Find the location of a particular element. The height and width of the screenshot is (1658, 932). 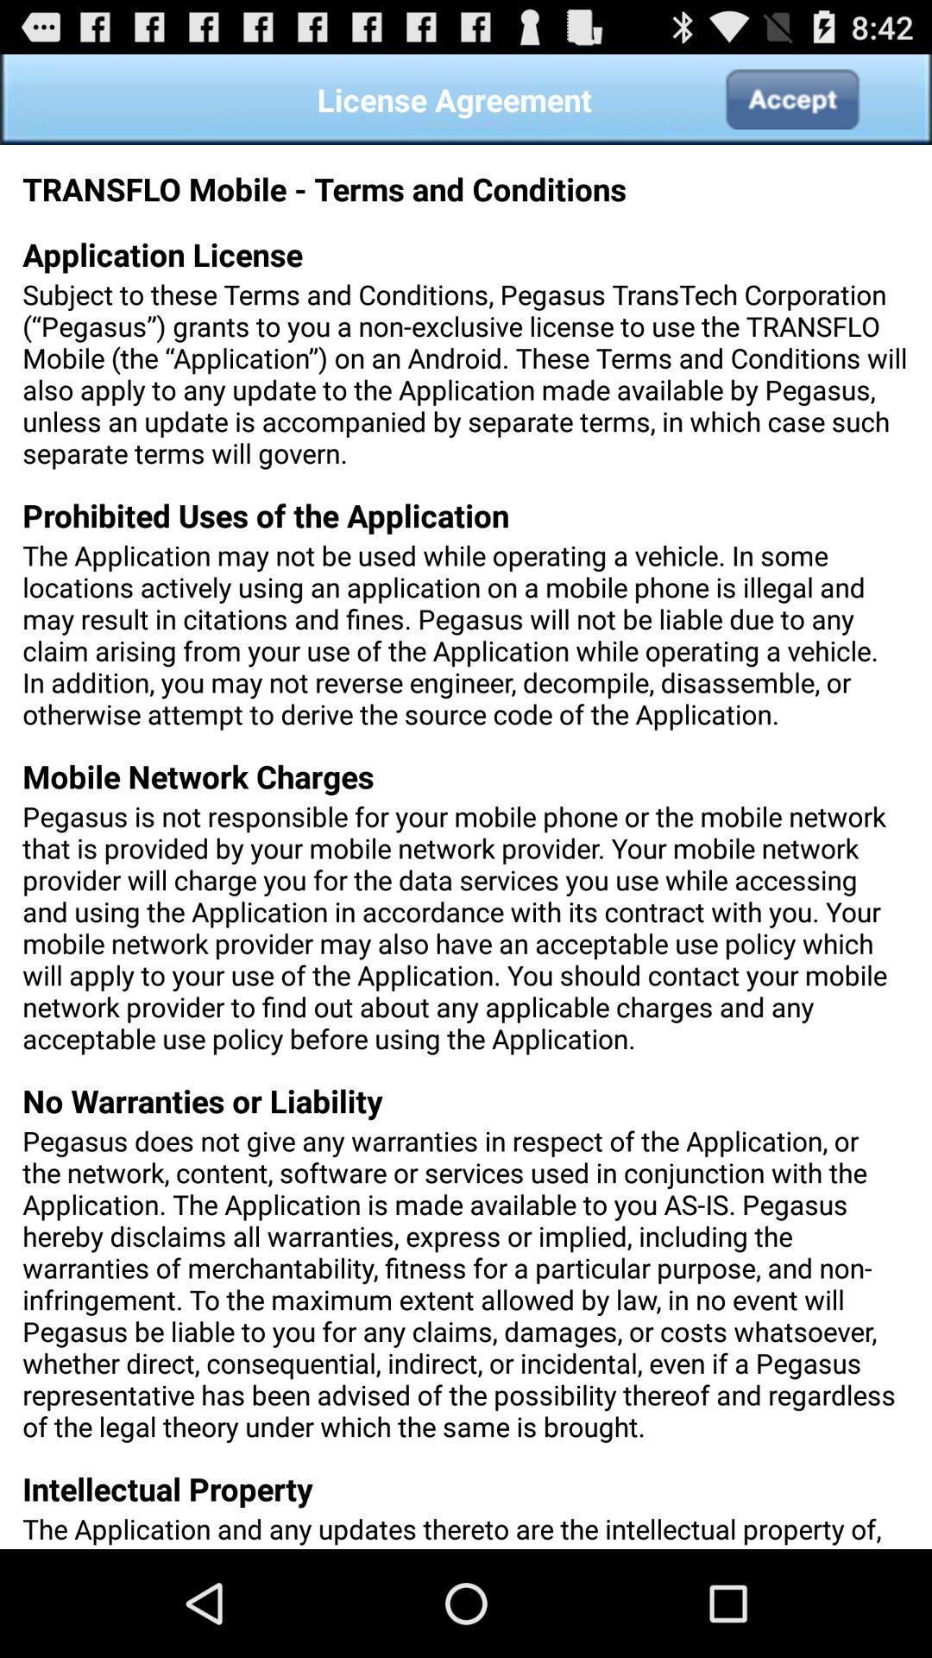

the date_range icon is located at coordinates (791, 105).